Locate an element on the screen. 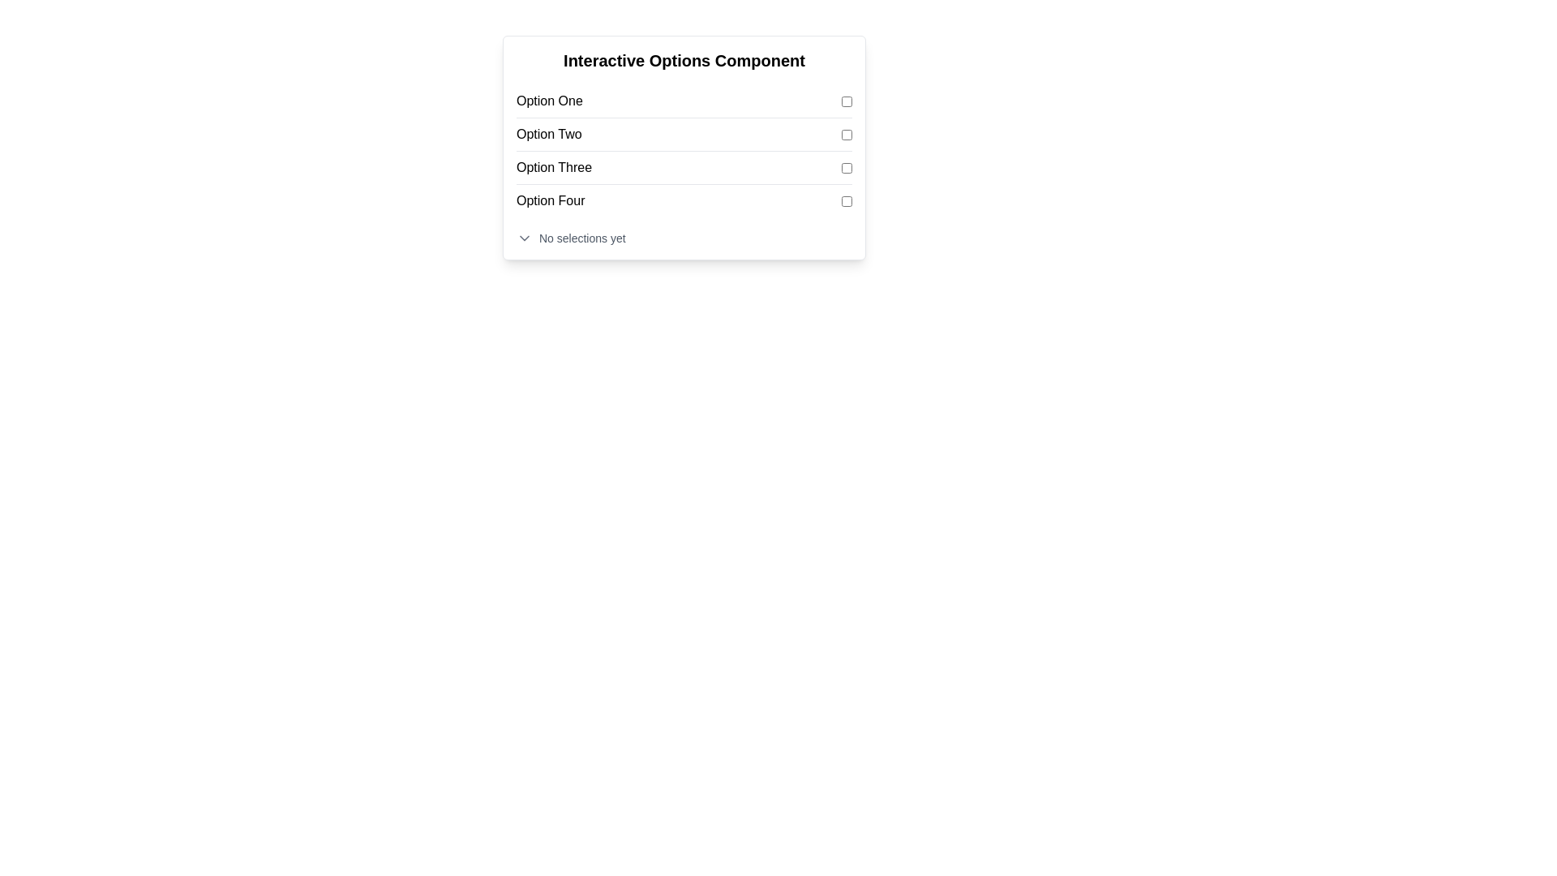  the checkbox for 'Option Three' is located at coordinates (846, 168).